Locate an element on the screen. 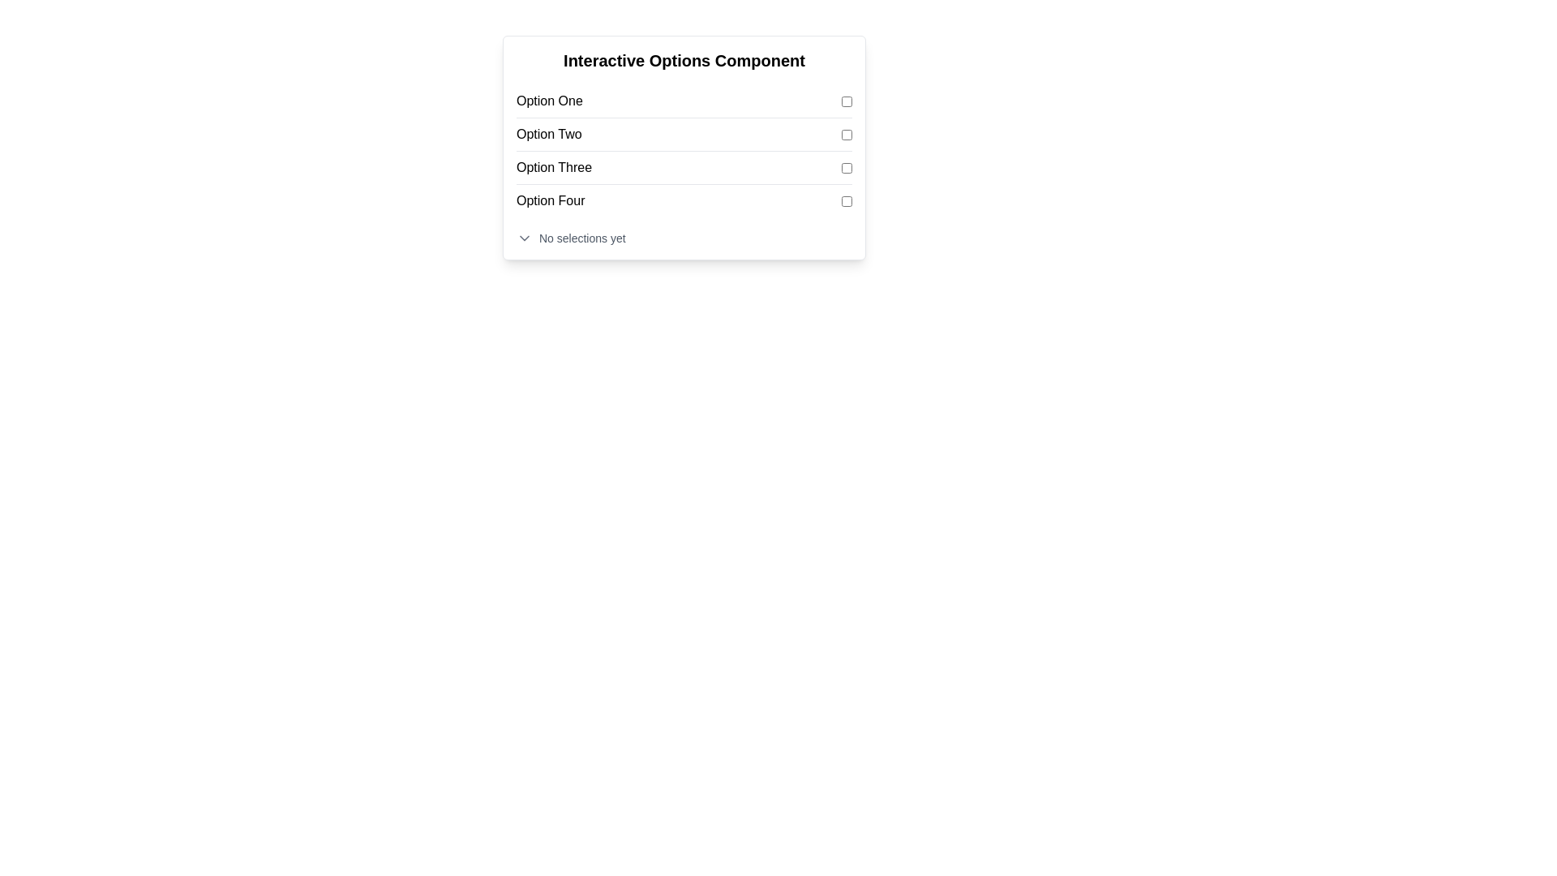  the checkbox for 'Option Three' is located at coordinates (846, 168).